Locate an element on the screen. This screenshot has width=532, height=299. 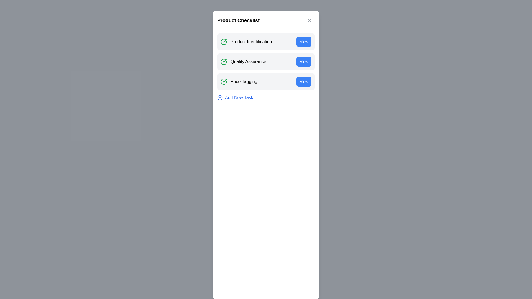
the completion icon for the 'Product Identification' task in the checklist, which signifies task verification and status completion is located at coordinates (225, 81).